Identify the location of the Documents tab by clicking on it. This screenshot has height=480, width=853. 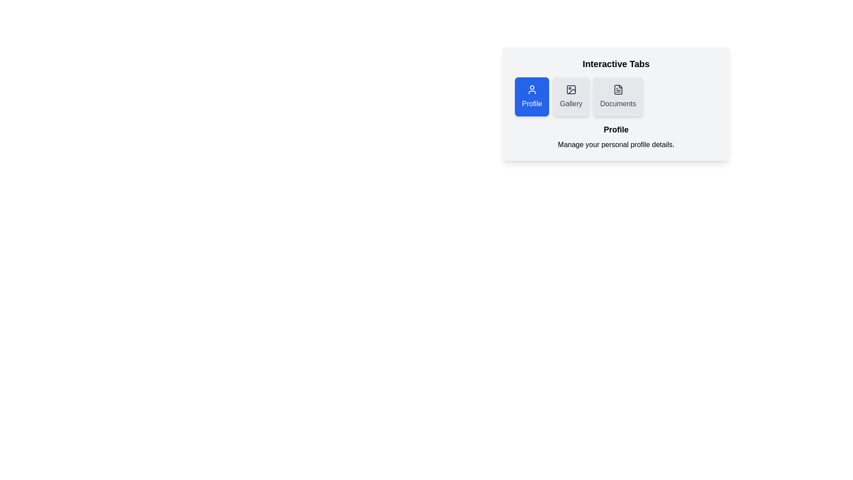
(618, 97).